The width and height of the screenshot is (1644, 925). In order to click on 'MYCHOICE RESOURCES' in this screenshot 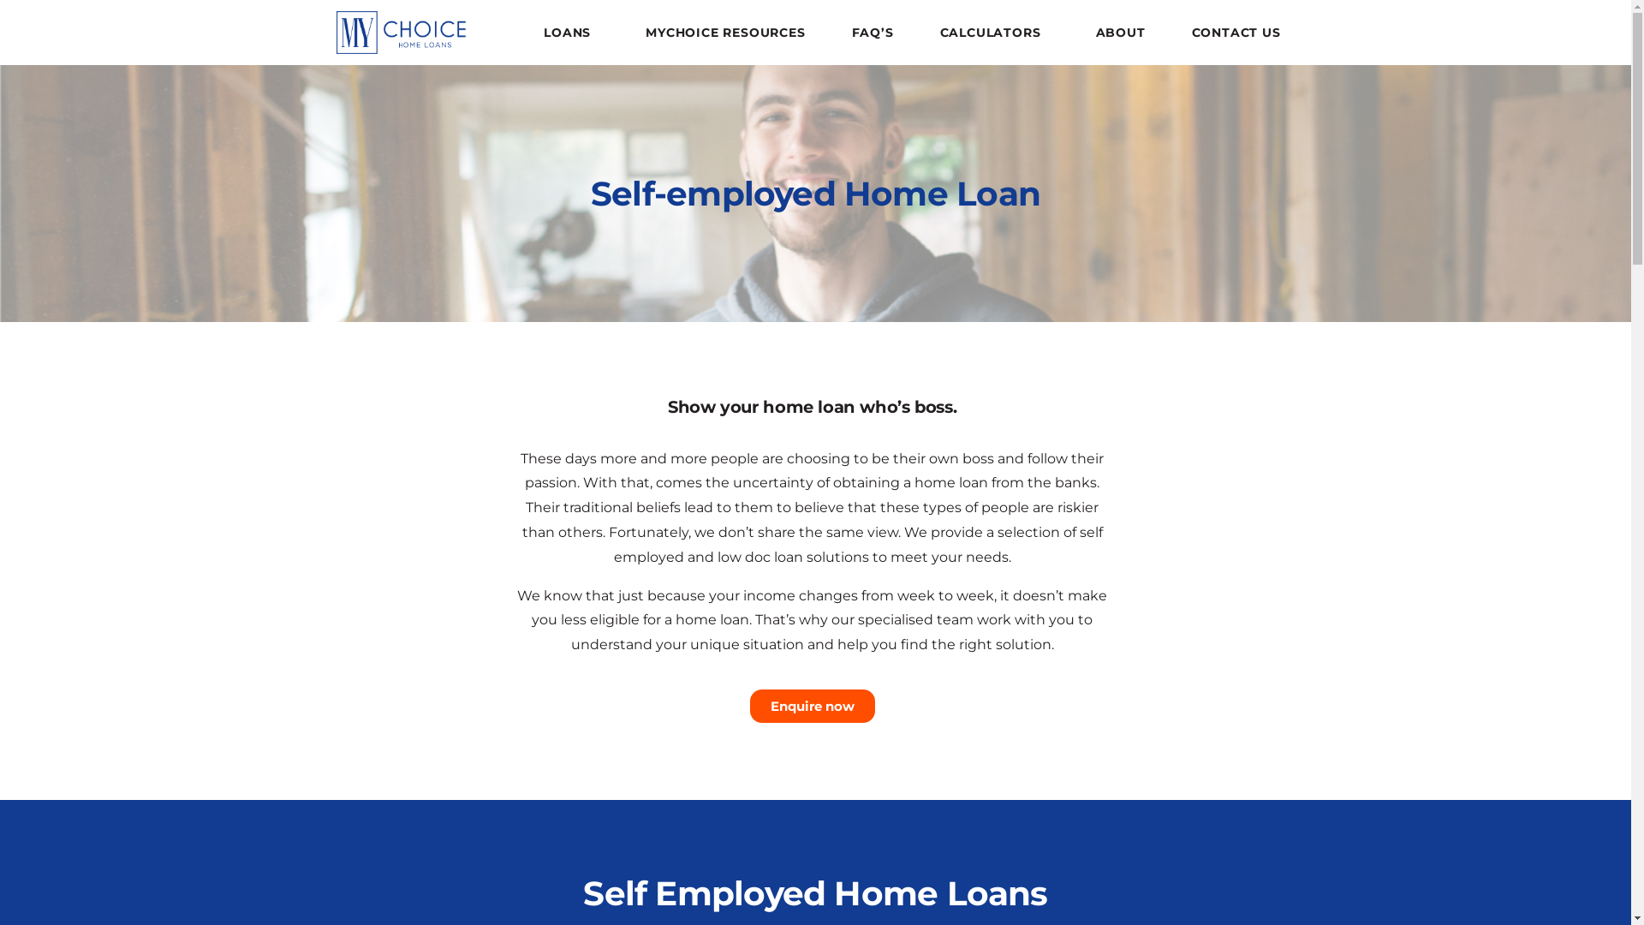, I will do `click(724, 33)`.